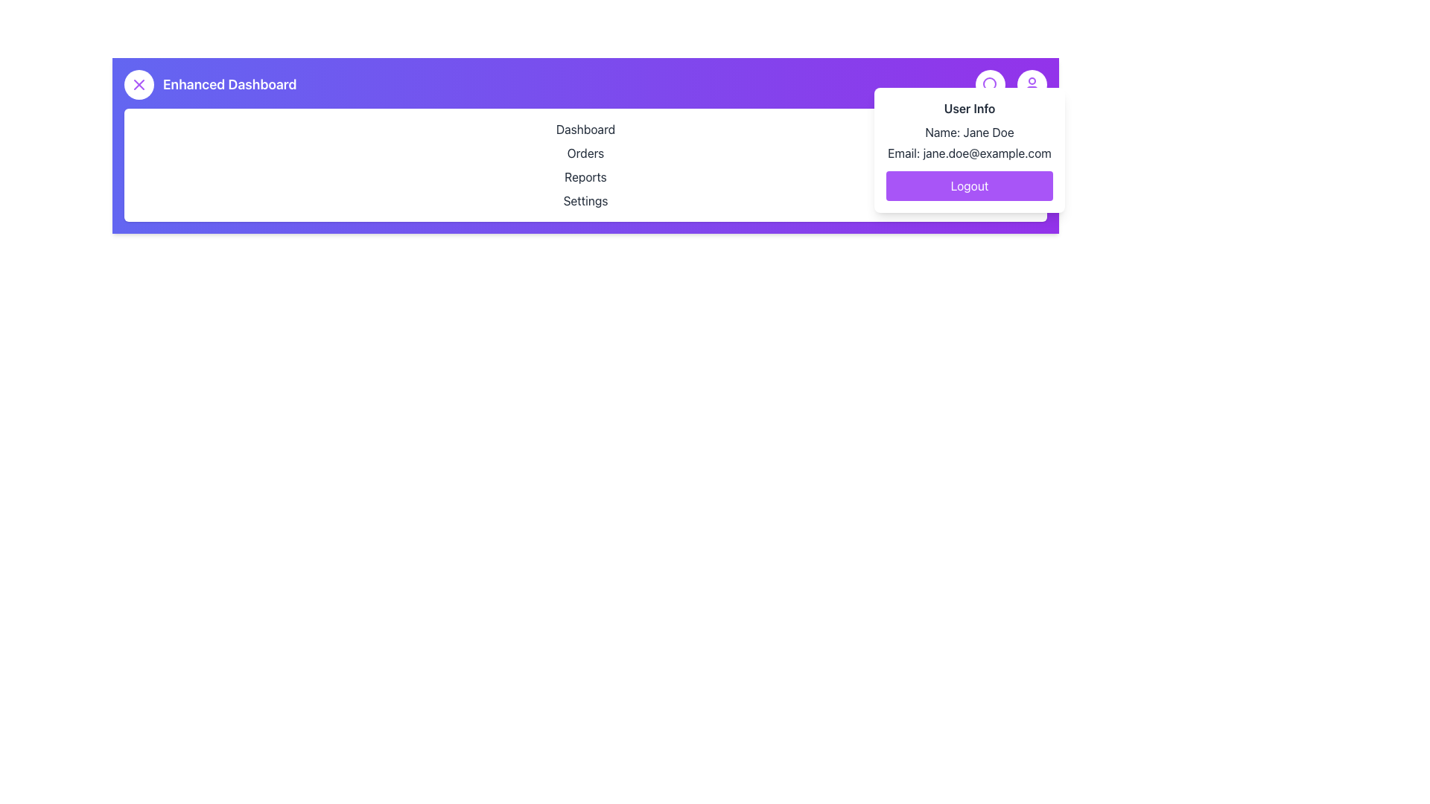 The image size is (1430, 804). What do you see at coordinates (139, 85) in the screenshot?
I see `the circular button with a white background and purple 'X' icon located at the top-left corner of the header labeled 'Enhanced Dashboard'` at bounding box center [139, 85].